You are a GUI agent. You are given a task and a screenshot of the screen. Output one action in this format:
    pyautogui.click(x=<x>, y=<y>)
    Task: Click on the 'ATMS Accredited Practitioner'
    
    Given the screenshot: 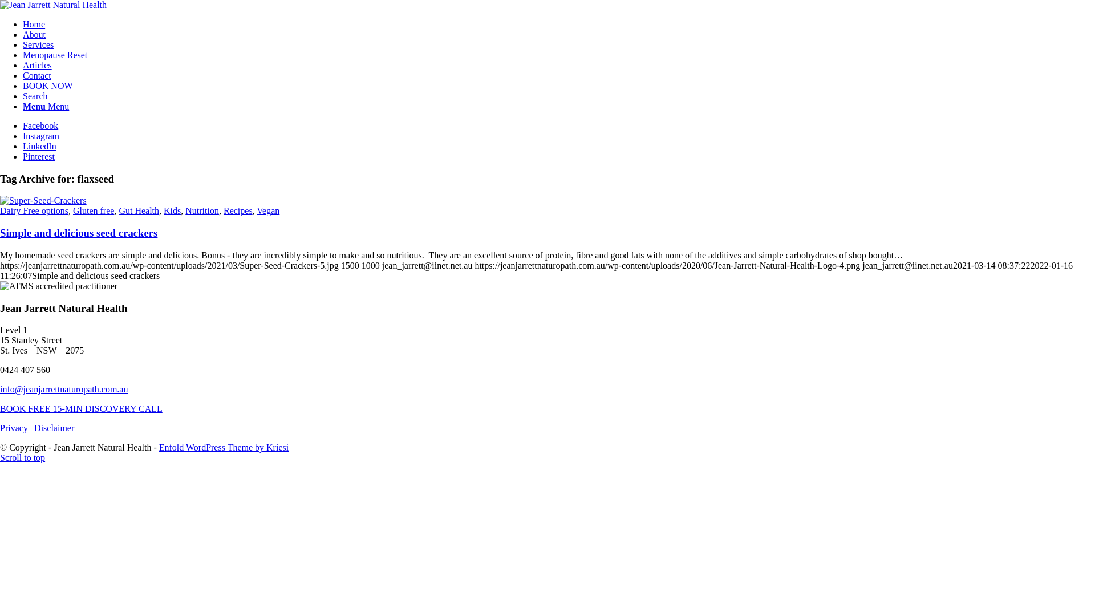 What is the action you would take?
    pyautogui.click(x=58, y=285)
    